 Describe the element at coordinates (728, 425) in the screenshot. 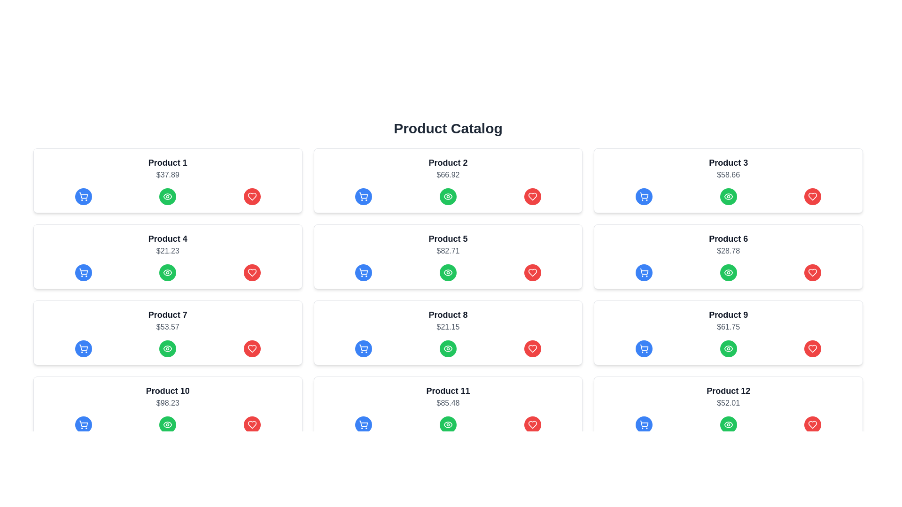

I see `the green preview button for 'Product 12'` at that location.